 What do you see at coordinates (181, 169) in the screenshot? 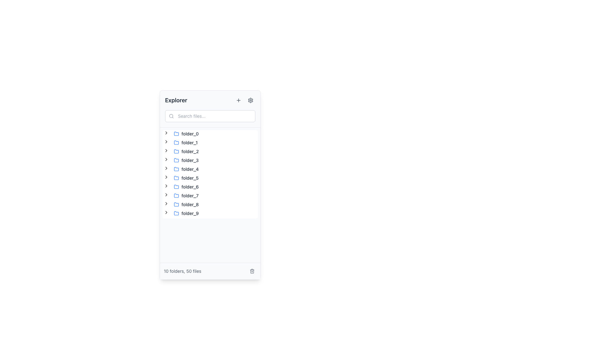
I see `to select the folder named 'folder_4' in the Tree view of the file explorer interface, which is the fifth entry in the directory list` at bounding box center [181, 169].